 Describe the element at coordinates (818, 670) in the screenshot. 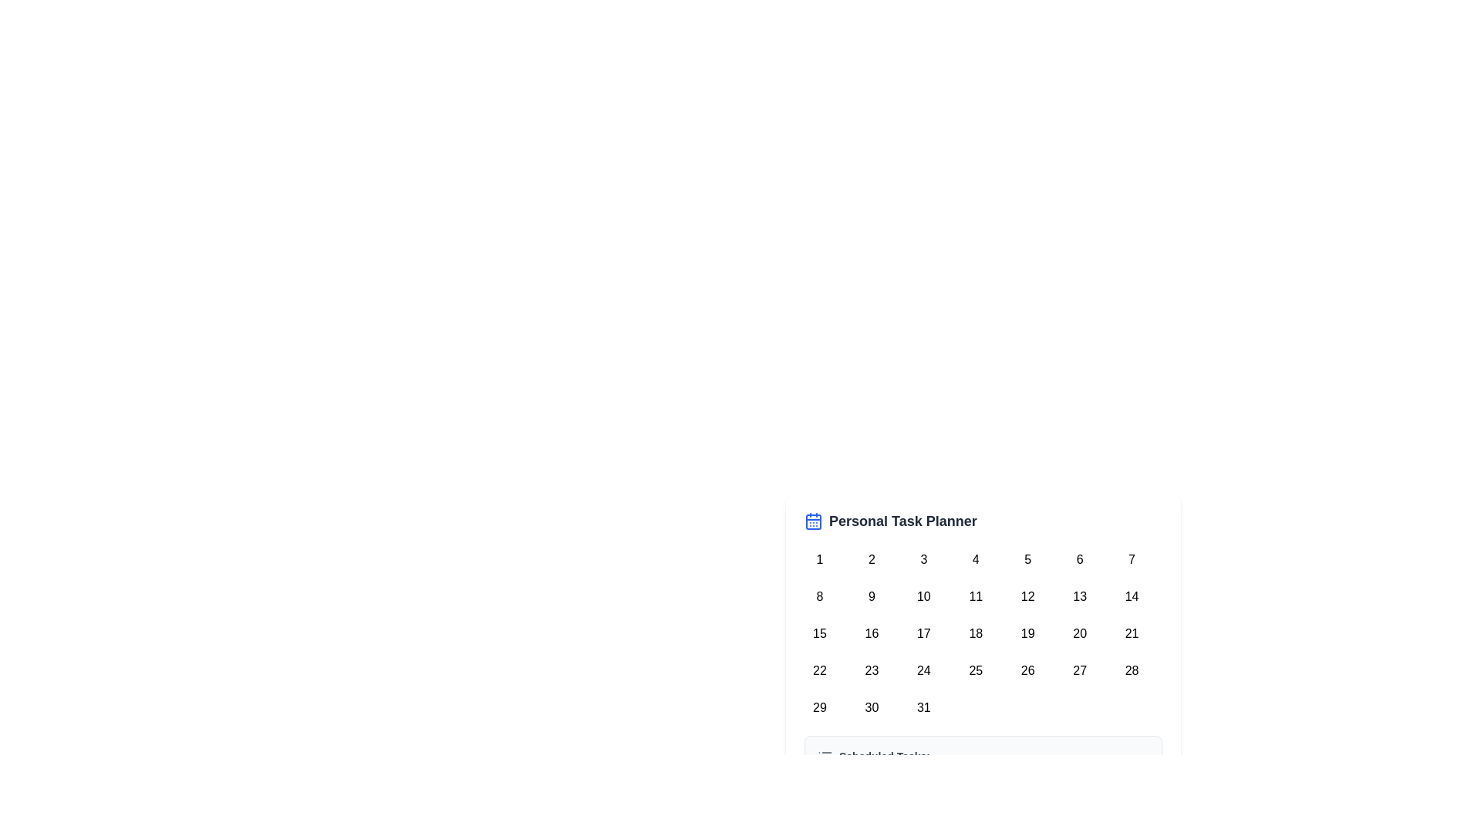

I see `the circular button containing the number '22'` at that location.